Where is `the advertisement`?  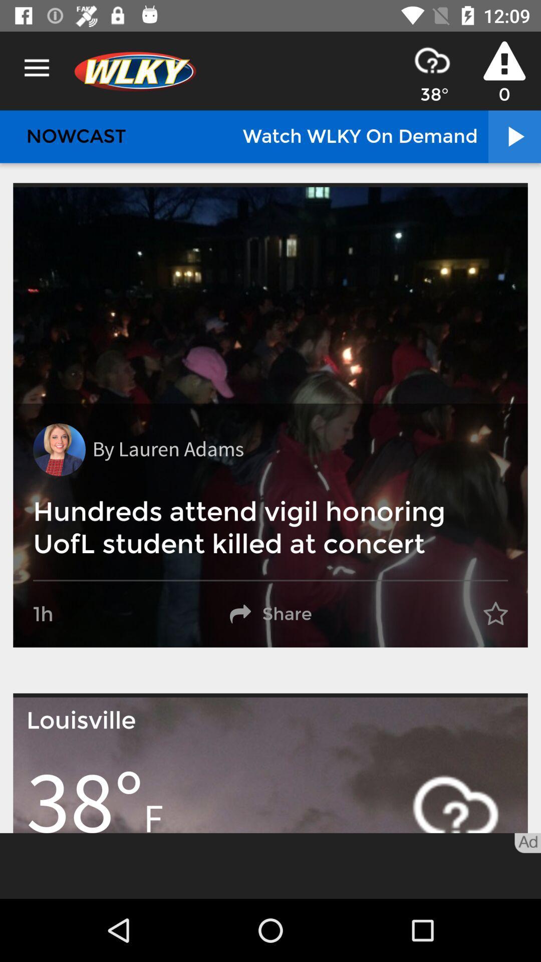
the advertisement is located at coordinates (270, 865).